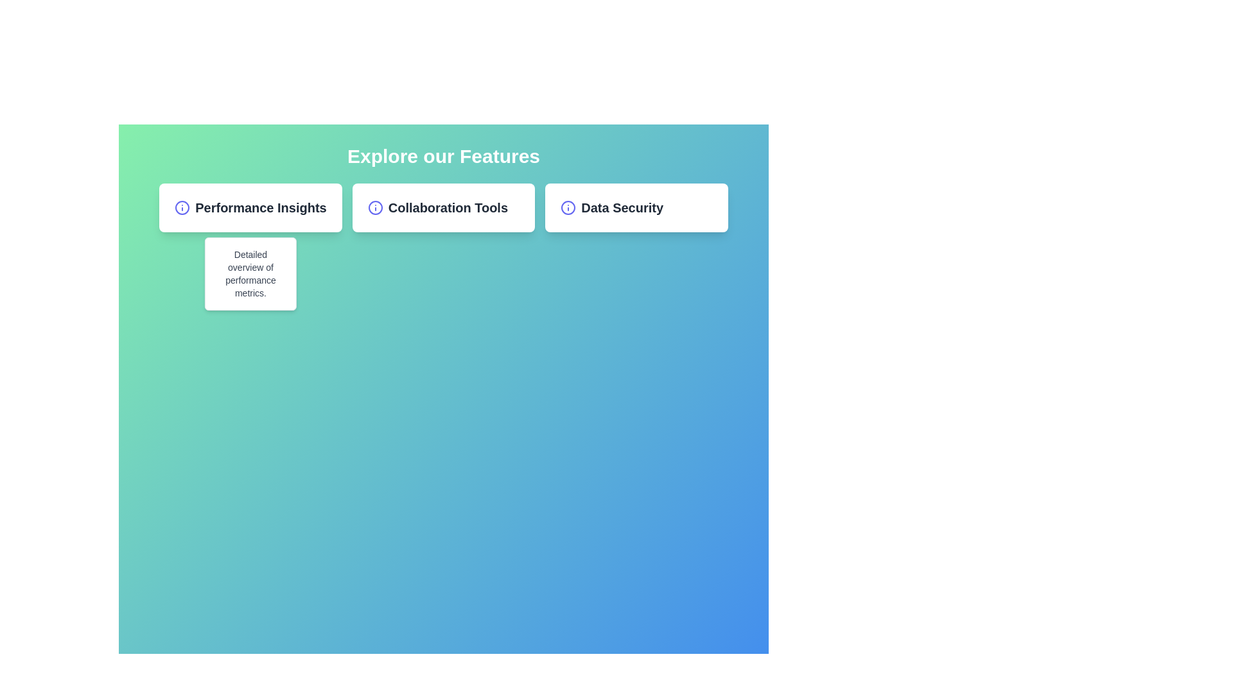  I want to click on the decorative circle component of the 'Data Security' icon, which is located at the far right among three horizontally arranged features below the 'Explore our Features' heading, so click(568, 207).